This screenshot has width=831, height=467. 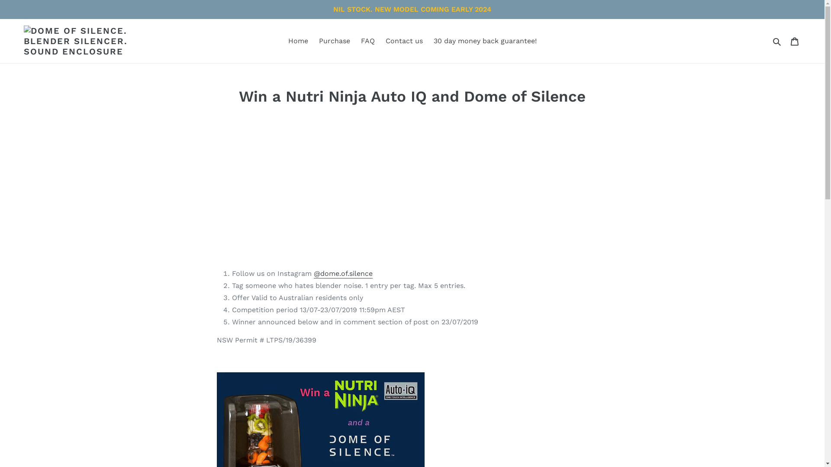 What do you see at coordinates (777, 41) in the screenshot?
I see `'Submit'` at bounding box center [777, 41].